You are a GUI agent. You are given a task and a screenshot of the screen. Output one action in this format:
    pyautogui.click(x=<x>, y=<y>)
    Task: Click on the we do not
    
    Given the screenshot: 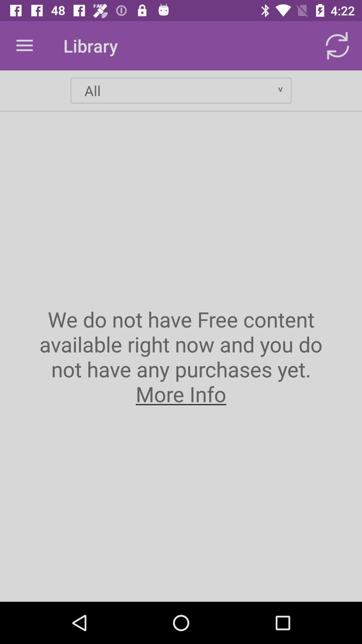 What is the action you would take?
    pyautogui.click(x=181, y=356)
    